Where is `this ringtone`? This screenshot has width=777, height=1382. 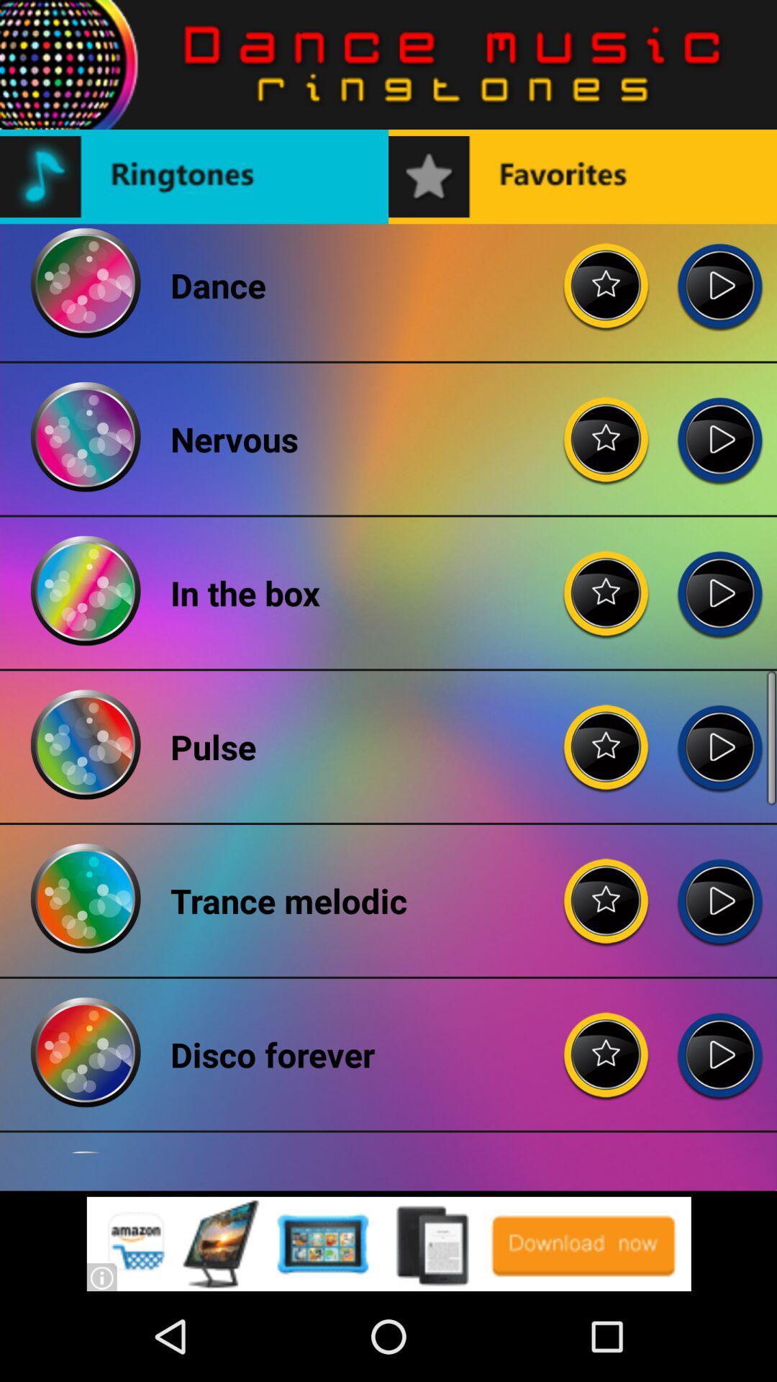 this ringtone is located at coordinates (719, 582).